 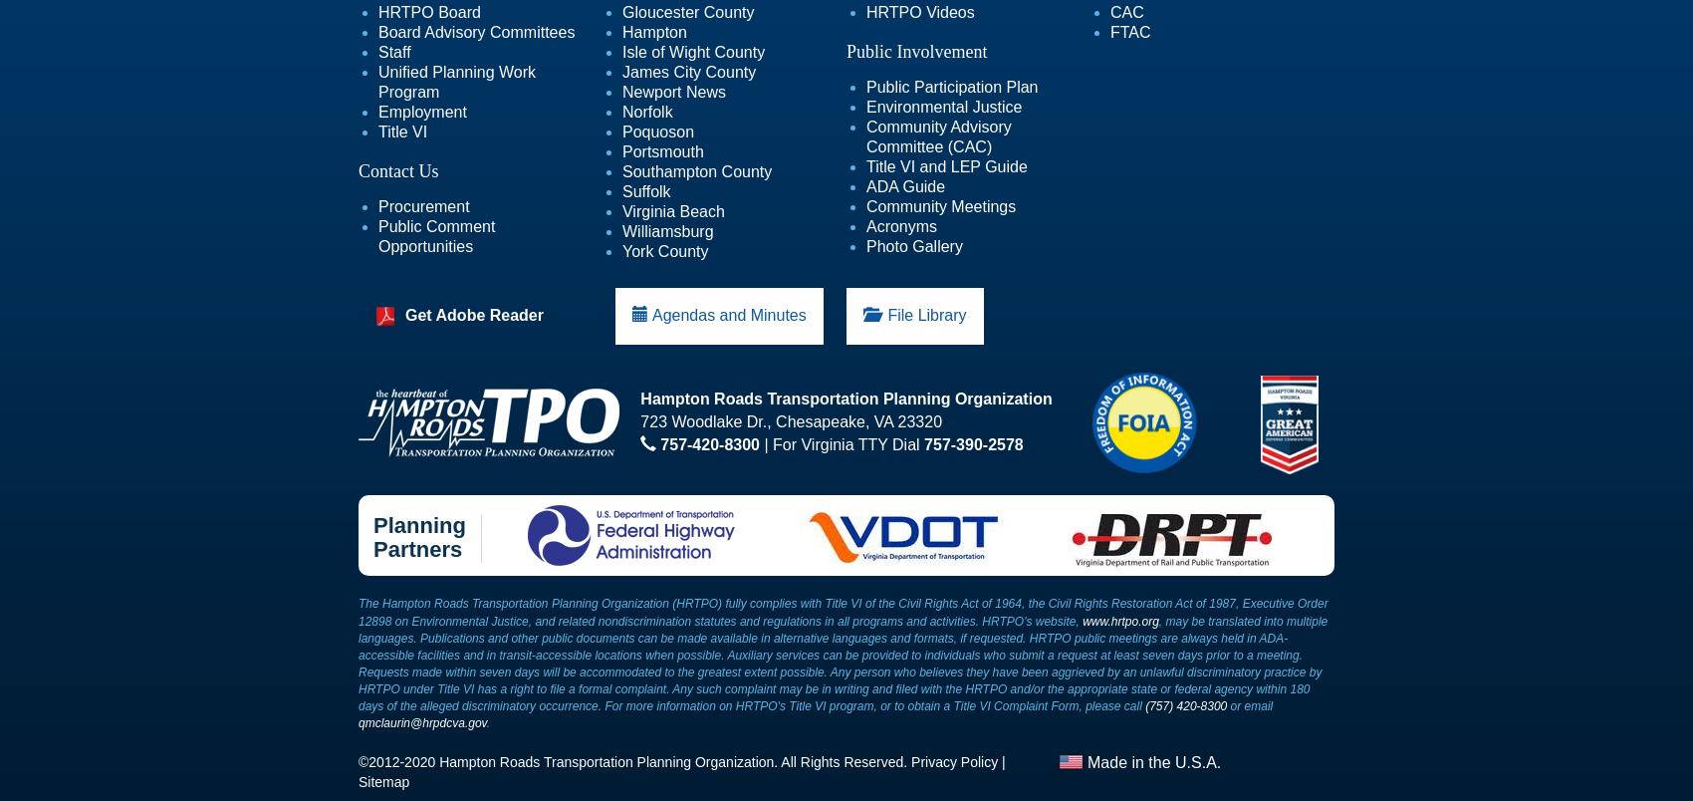 What do you see at coordinates (403, 315) in the screenshot?
I see `'Get Adobe Reader'` at bounding box center [403, 315].